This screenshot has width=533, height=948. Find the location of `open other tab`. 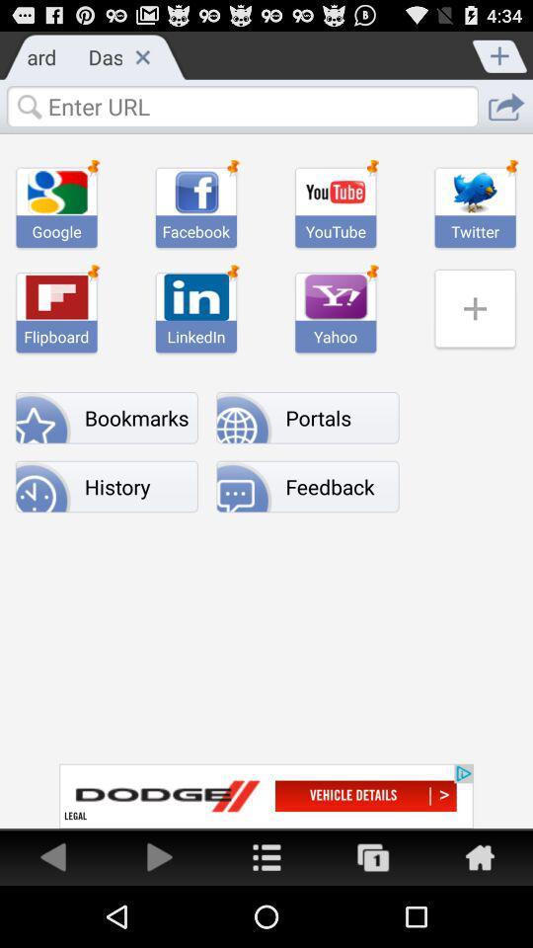

open other tab is located at coordinates (373, 855).